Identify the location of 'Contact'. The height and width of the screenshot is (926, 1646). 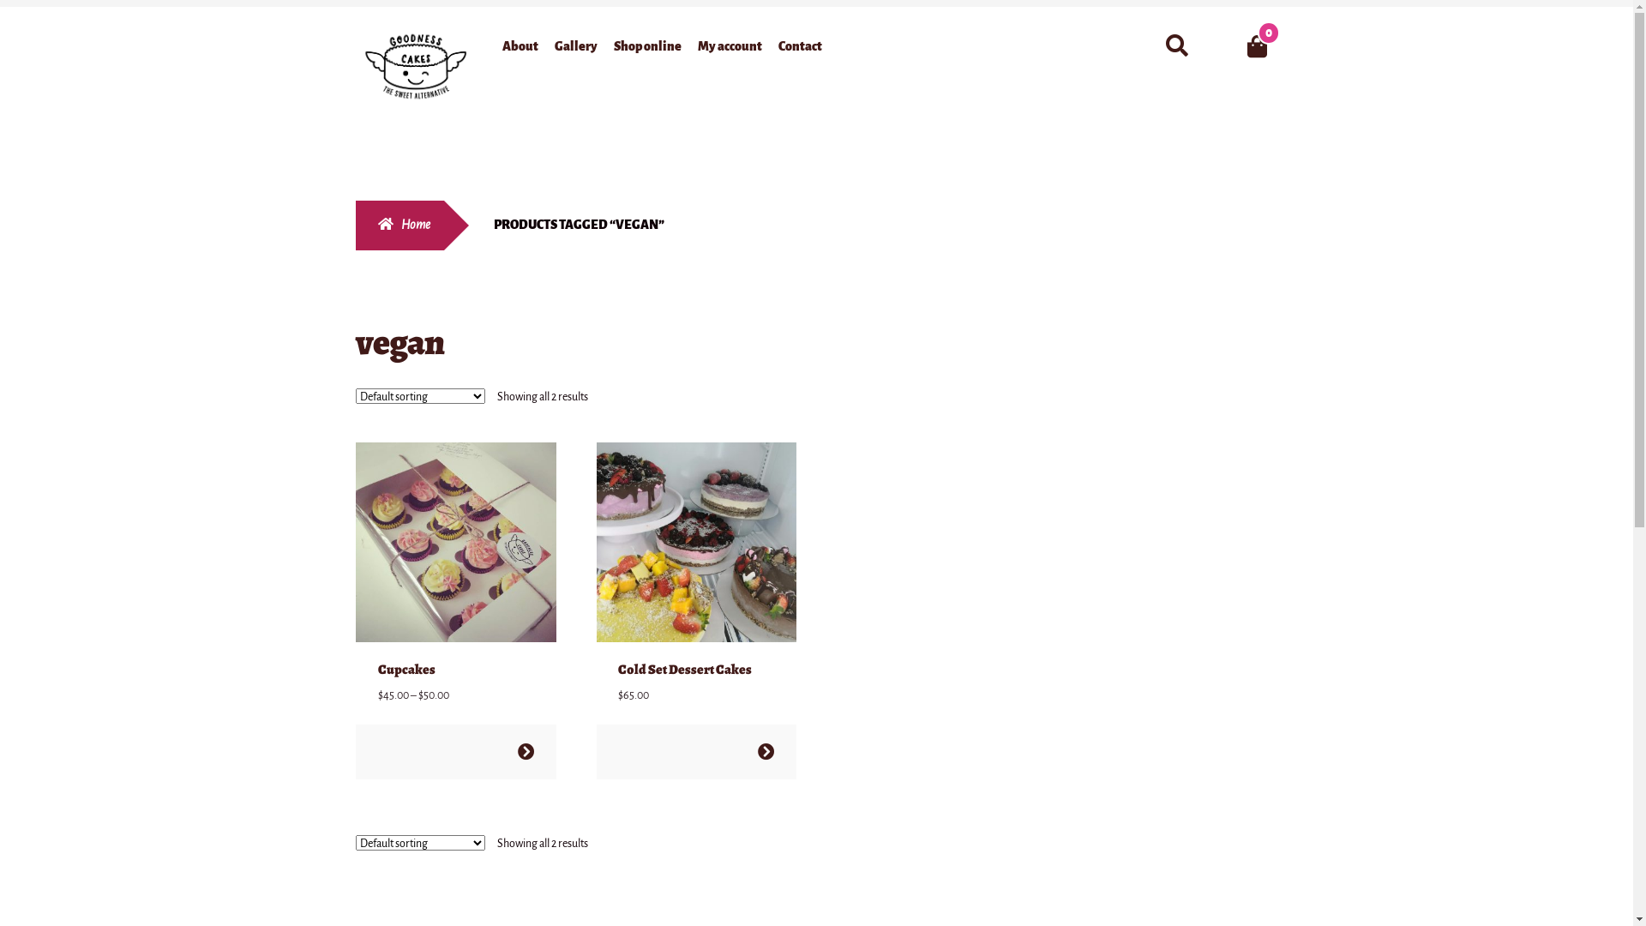
(799, 48).